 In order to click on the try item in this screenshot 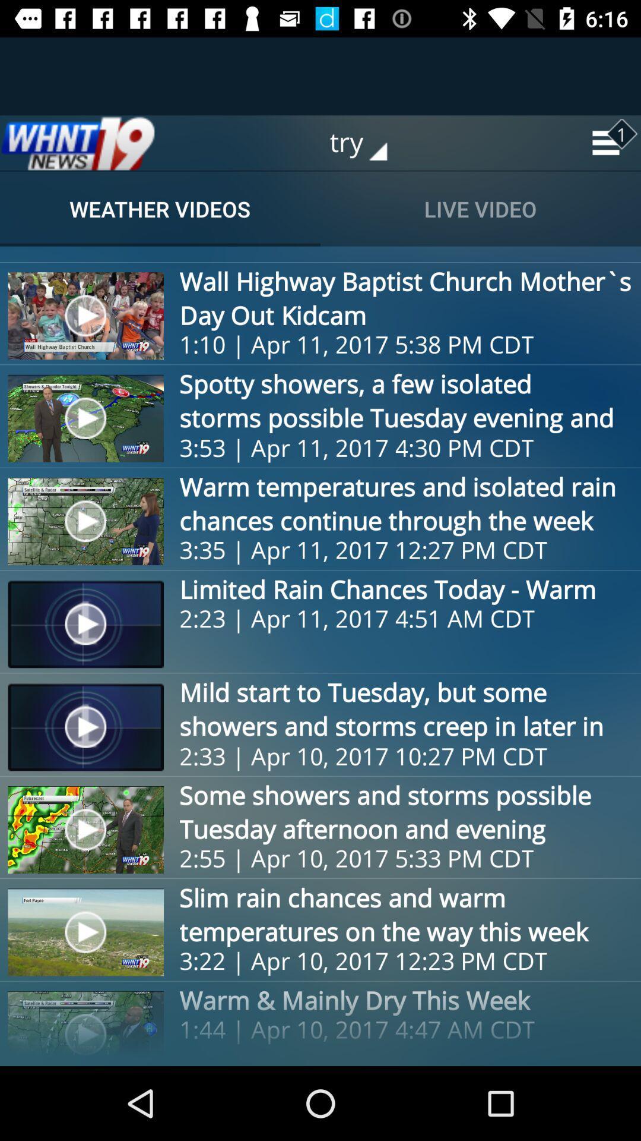, I will do `click(366, 143)`.